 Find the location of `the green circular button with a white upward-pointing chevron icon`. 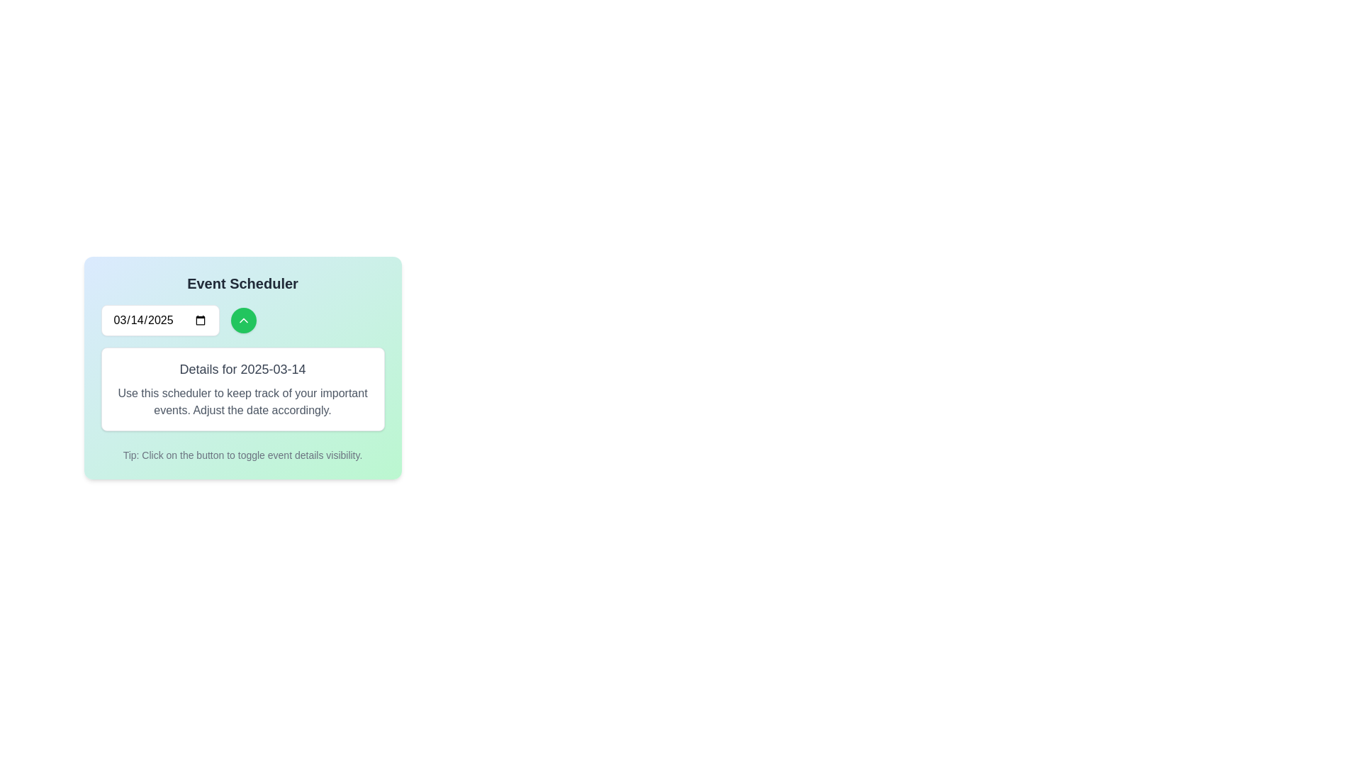

the green circular button with a white upward-pointing chevron icon is located at coordinates (243, 320).